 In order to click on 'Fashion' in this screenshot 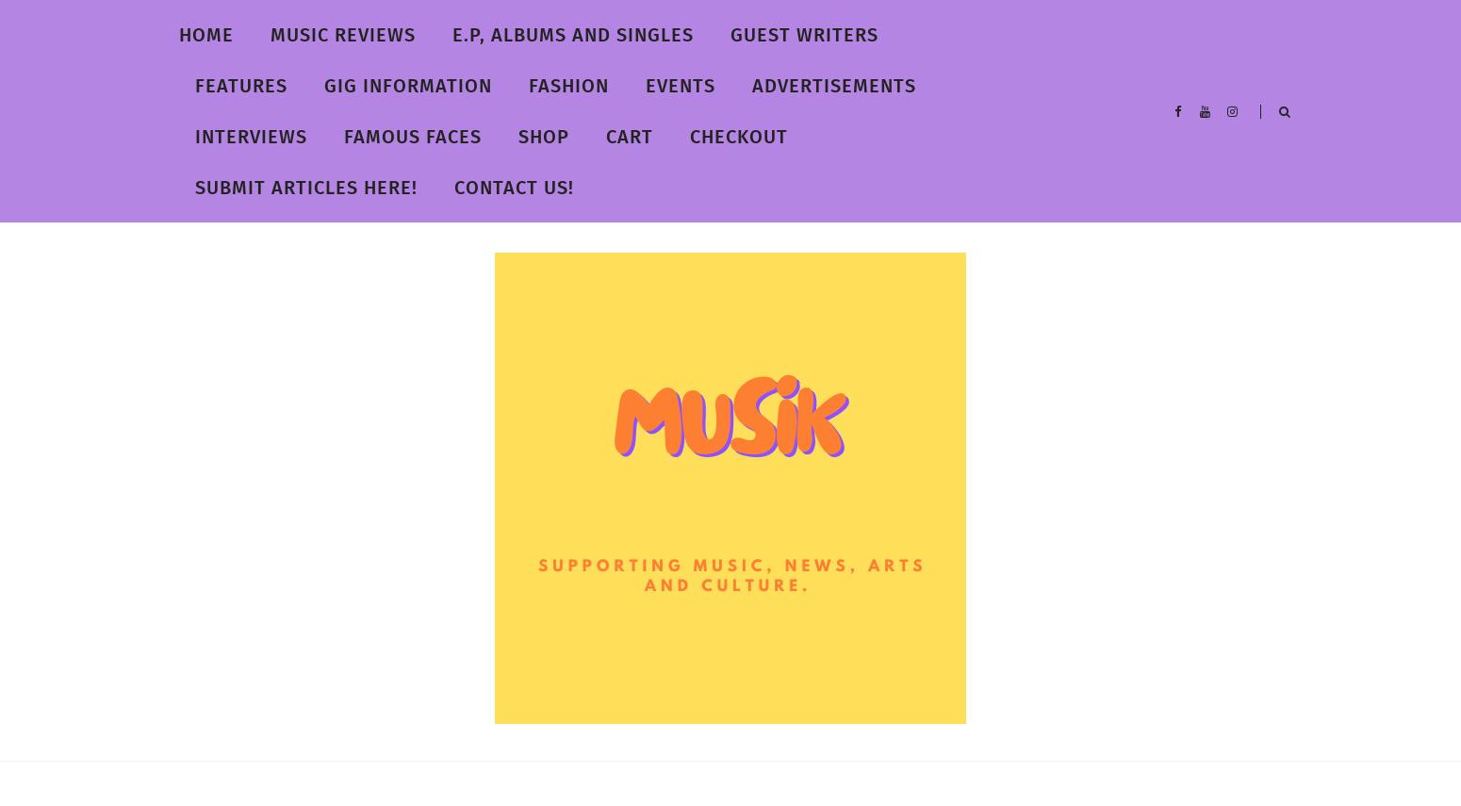, I will do `click(568, 85)`.